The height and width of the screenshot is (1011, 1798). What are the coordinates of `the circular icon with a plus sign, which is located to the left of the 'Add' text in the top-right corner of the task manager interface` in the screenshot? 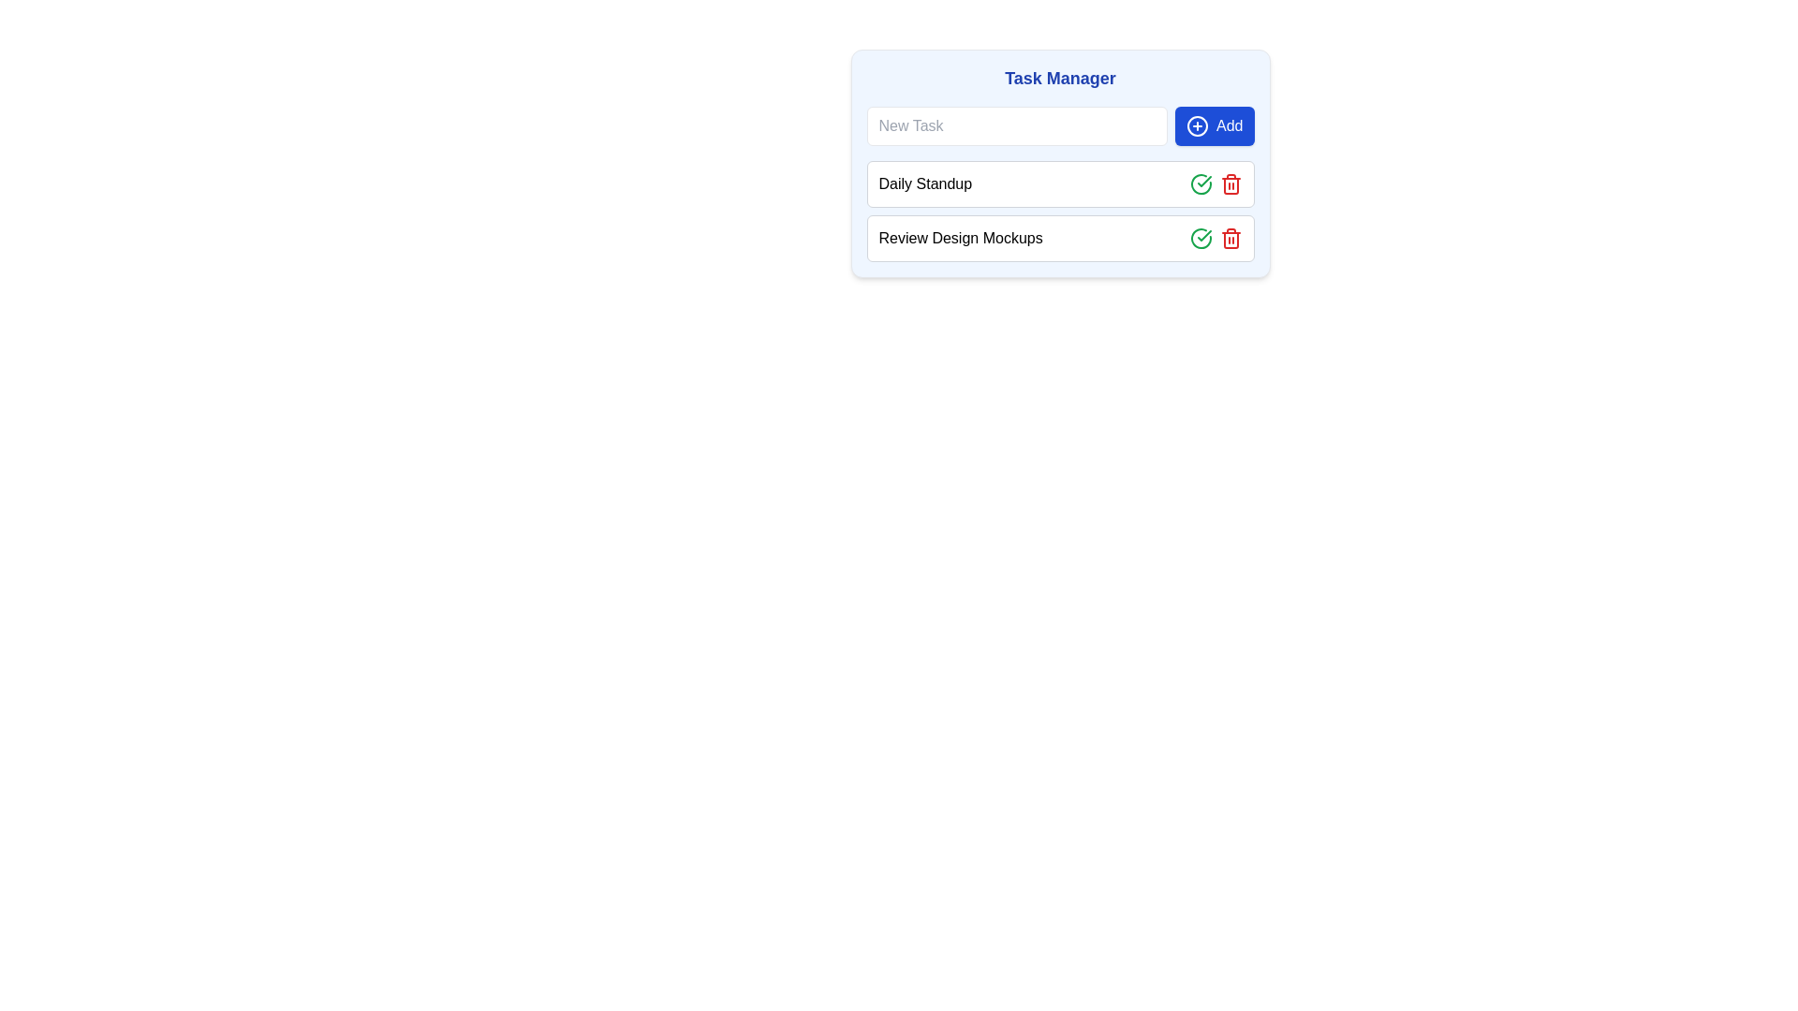 It's located at (1197, 126).